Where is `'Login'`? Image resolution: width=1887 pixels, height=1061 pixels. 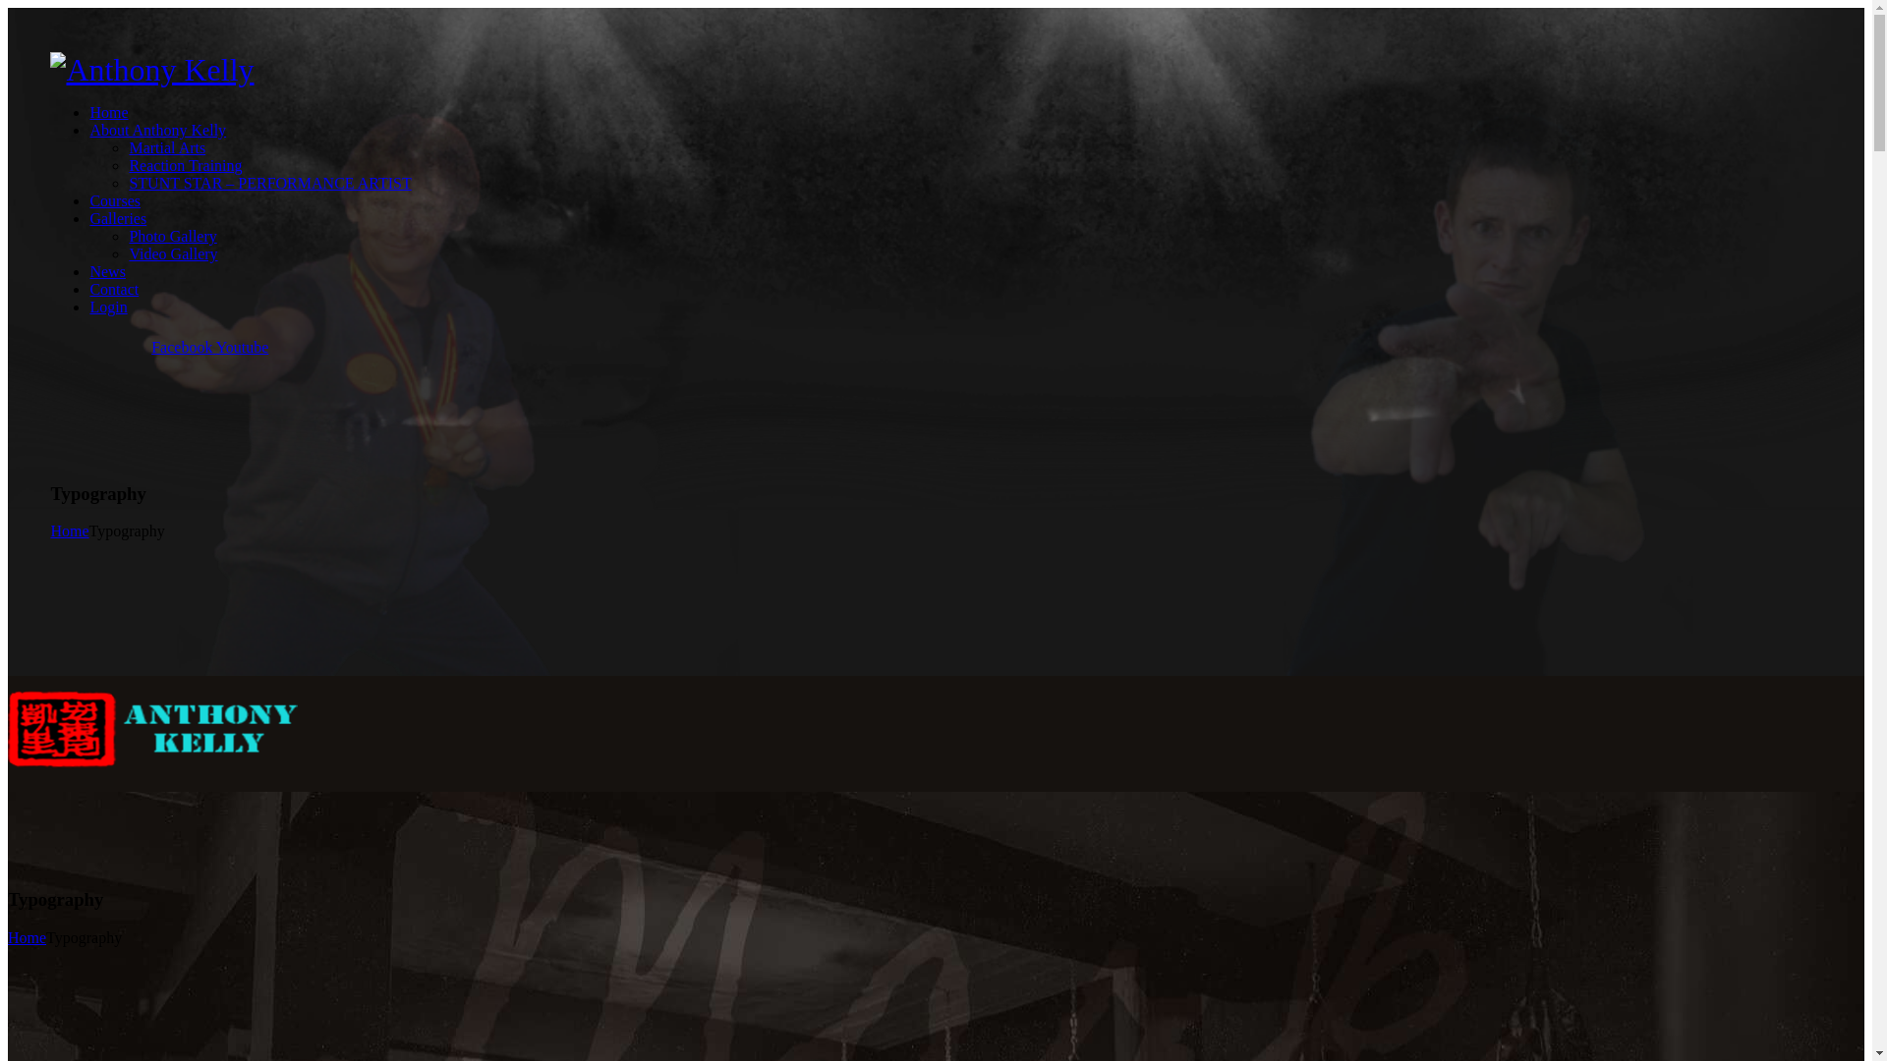
'Login' is located at coordinates (107, 307).